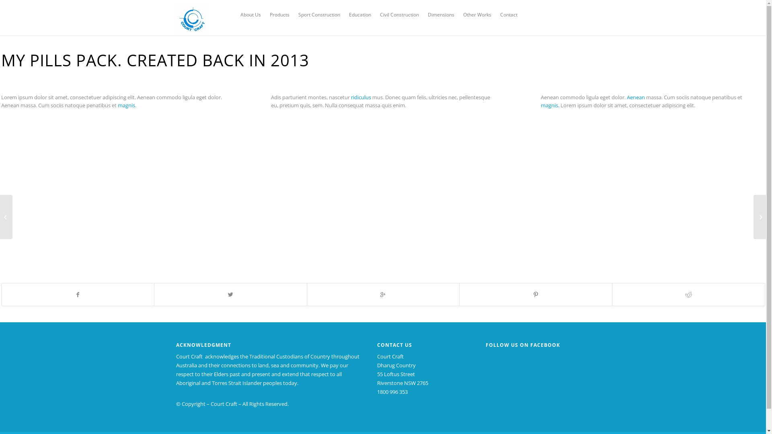 This screenshot has width=772, height=434. What do you see at coordinates (318, 15) in the screenshot?
I see `'Sport Construction'` at bounding box center [318, 15].